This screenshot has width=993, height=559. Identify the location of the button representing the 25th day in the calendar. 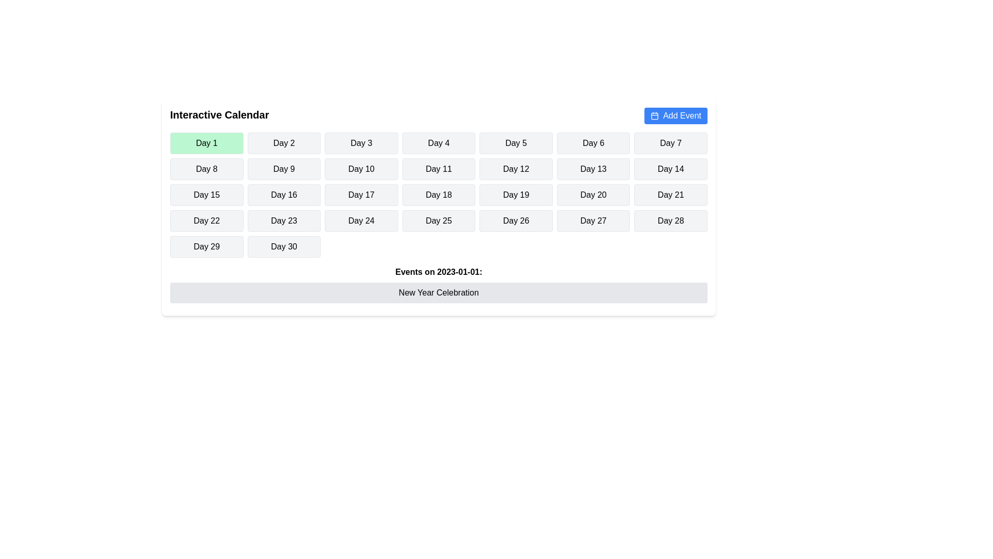
(439, 220).